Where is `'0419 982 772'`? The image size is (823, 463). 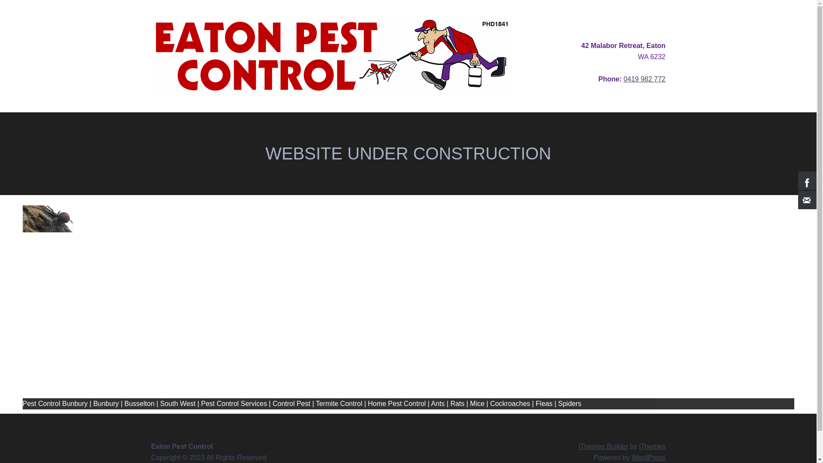 '0419 982 772' is located at coordinates (644, 79).